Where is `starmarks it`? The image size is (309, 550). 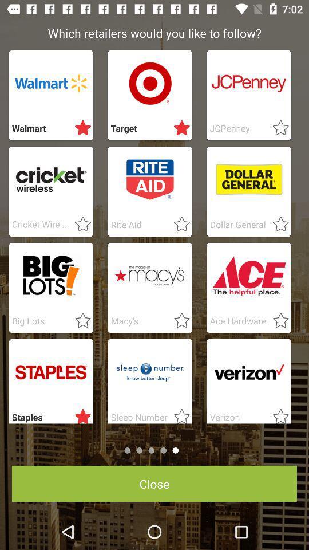 starmarks it is located at coordinates (276, 128).